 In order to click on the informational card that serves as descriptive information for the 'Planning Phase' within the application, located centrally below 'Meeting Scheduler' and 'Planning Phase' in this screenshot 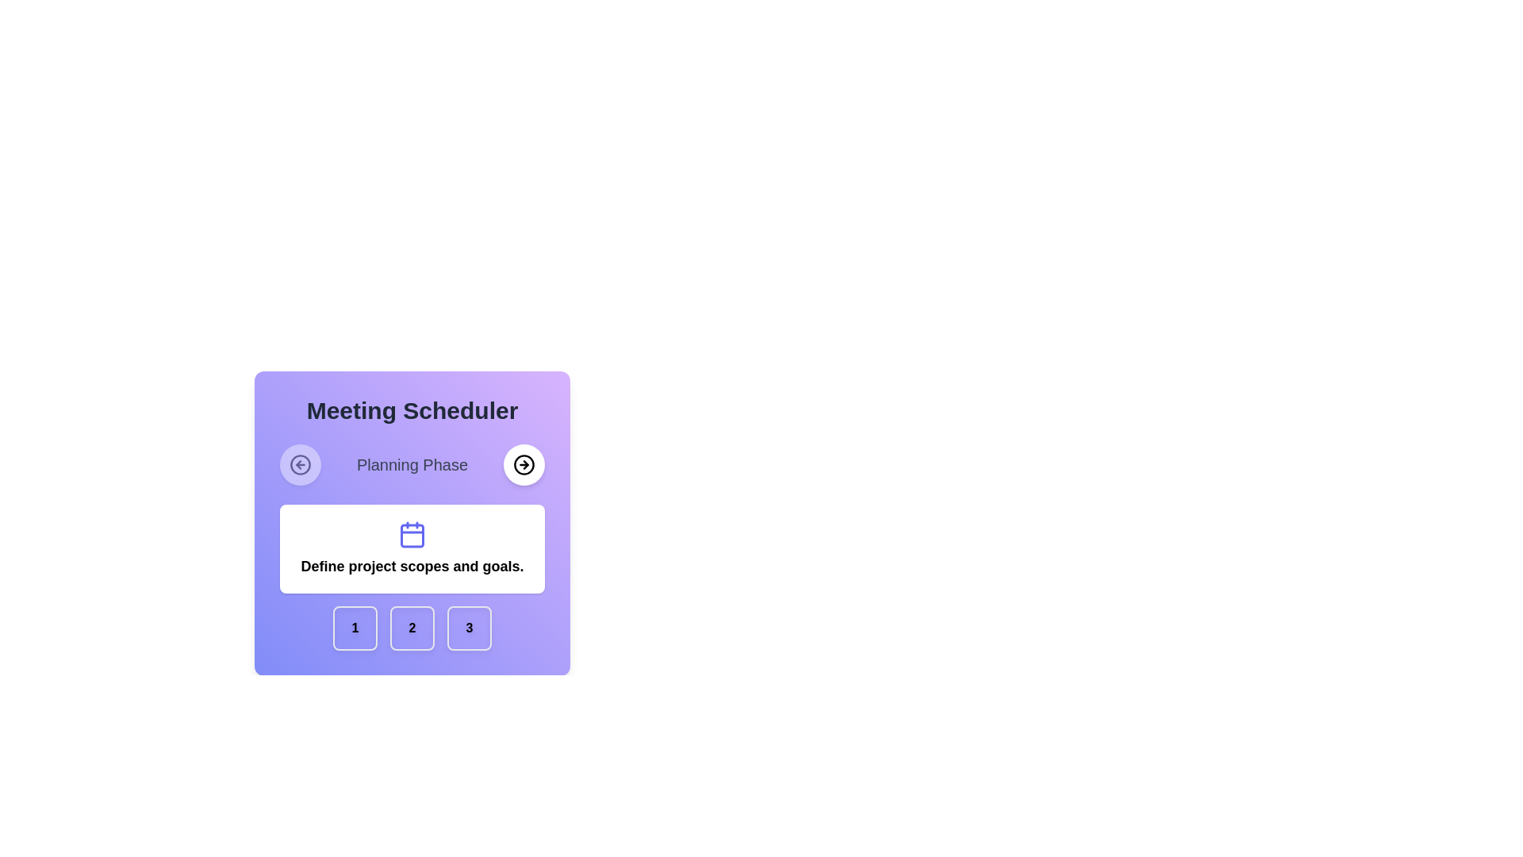, I will do `click(412, 548)`.